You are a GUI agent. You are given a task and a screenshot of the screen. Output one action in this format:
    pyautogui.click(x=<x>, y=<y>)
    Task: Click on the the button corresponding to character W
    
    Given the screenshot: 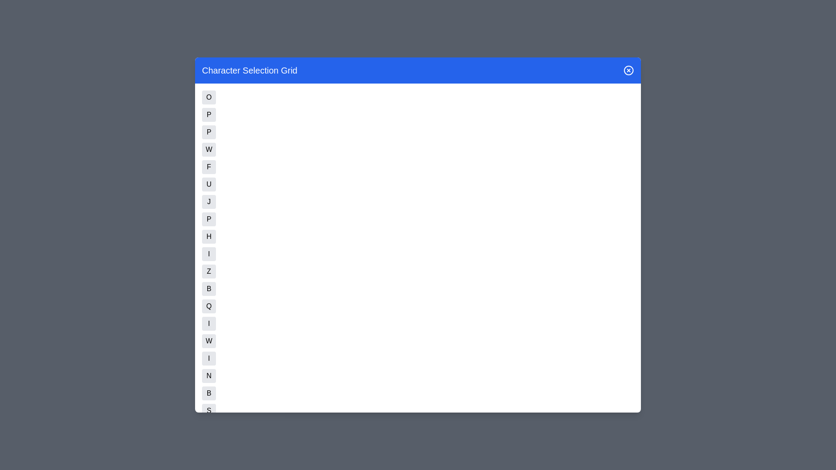 What is the action you would take?
    pyautogui.click(x=209, y=340)
    